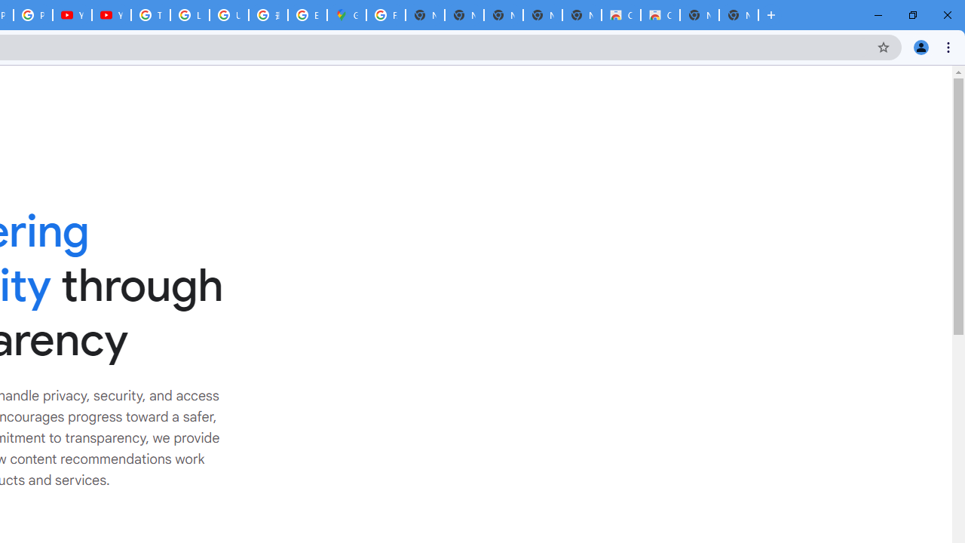  Describe the element at coordinates (346, 15) in the screenshot. I see `'Google Maps'` at that location.